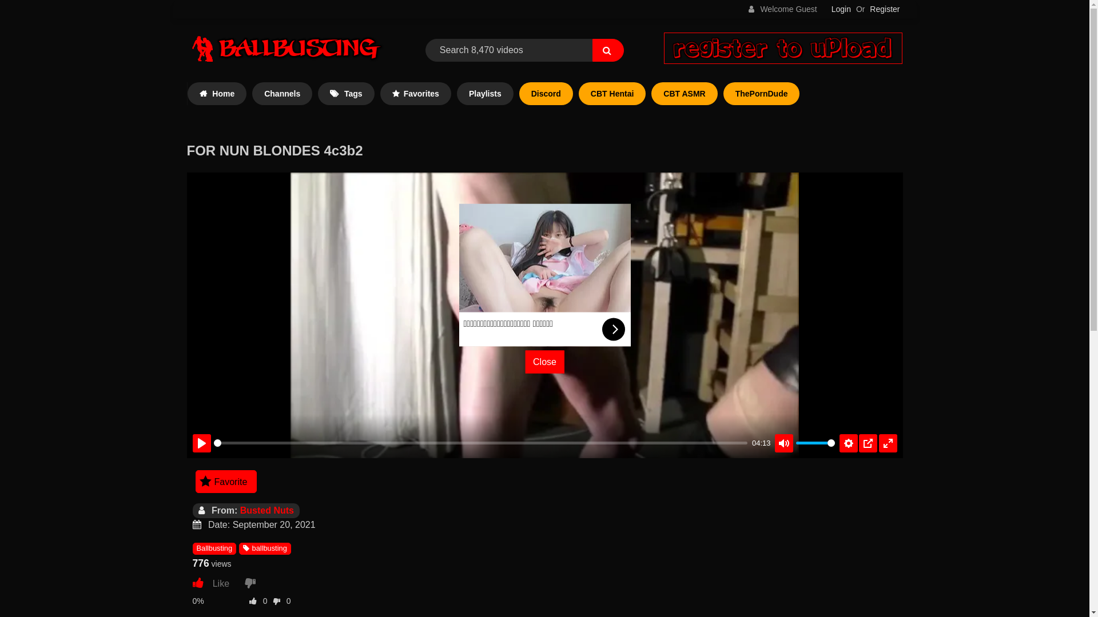  Describe the element at coordinates (415, 93) in the screenshot. I see `'Favorites'` at that location.